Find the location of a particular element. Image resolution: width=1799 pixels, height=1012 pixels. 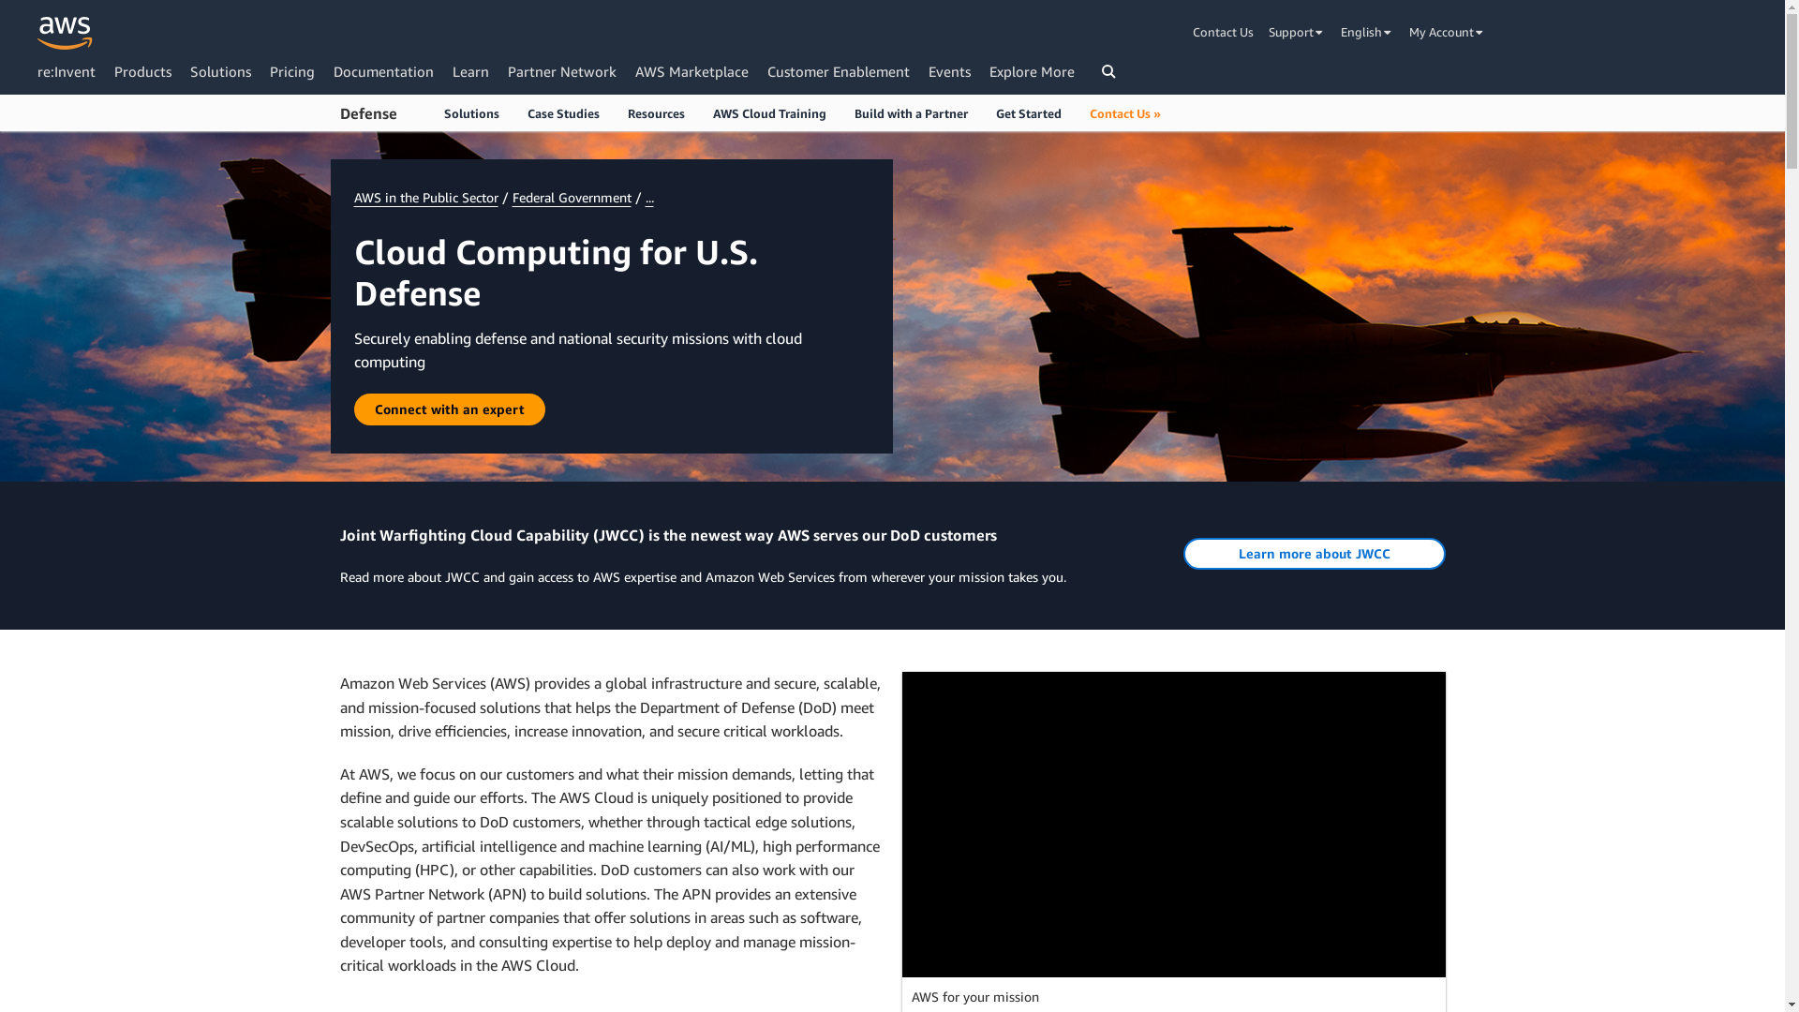

'Learn' is located at coordinates (470, 70).